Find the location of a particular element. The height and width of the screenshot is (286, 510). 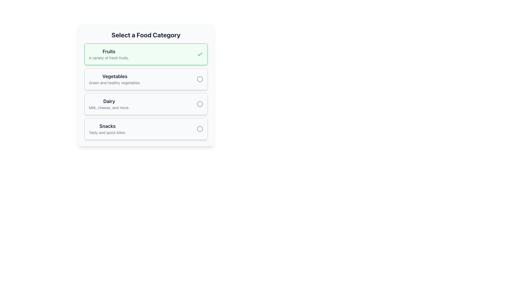

the text label that provides additional details about the 'Dairy' category, which is positioned directly below the 'Dairy' heading is located at coordinates (109, 108).